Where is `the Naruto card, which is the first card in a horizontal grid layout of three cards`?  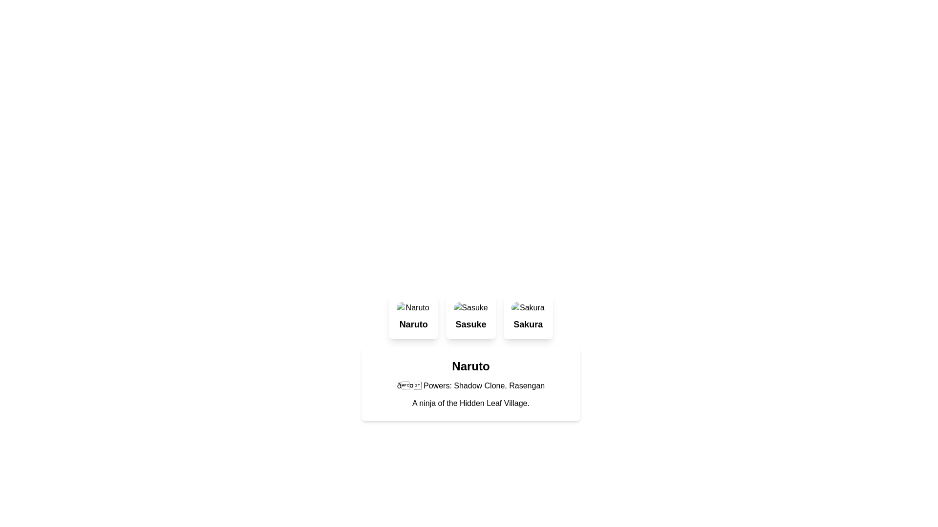
the Naruto card, which is the first card in a horizontal grid layout of three cards is located at coordinates (413, 316).